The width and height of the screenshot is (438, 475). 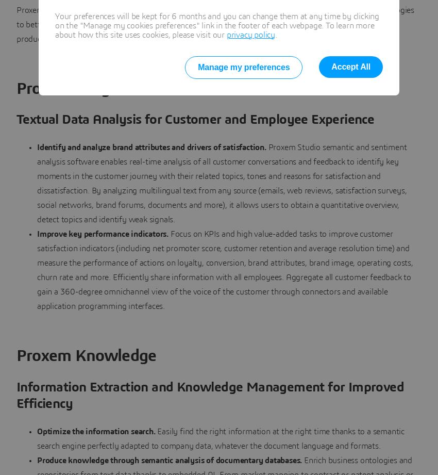 I want to click on 'Optimize the information search.', so click(x=96, y=430).